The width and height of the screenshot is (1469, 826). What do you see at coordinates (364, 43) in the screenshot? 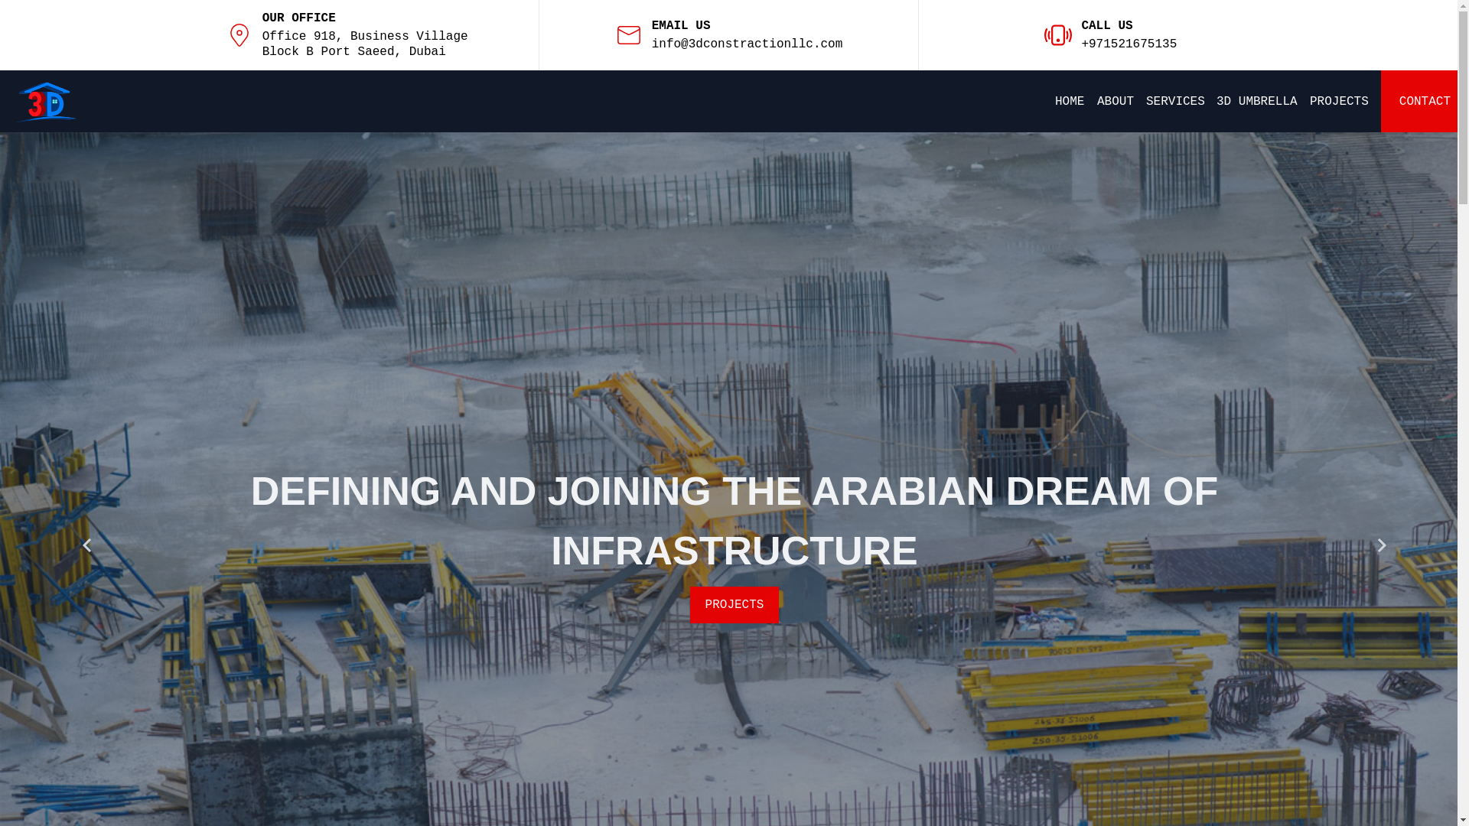
I see `'Office 918, Business Village` at bounding box center [364, 43].